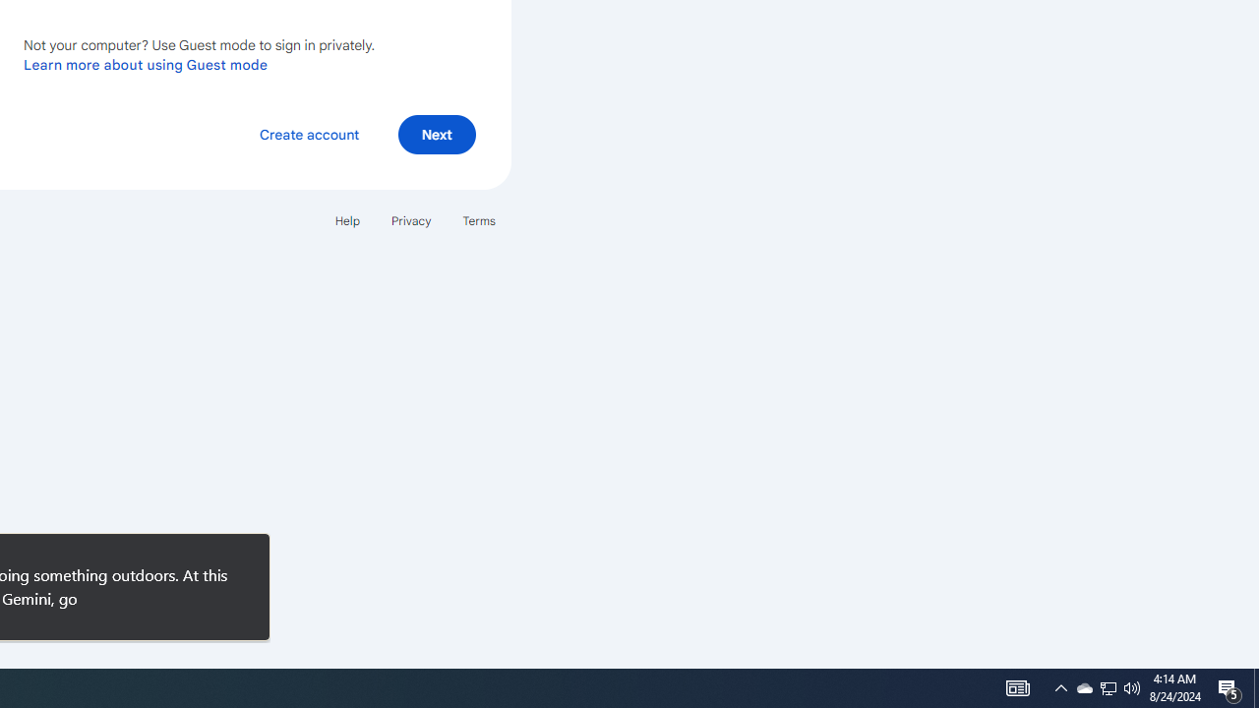 The width and height of the screenshot is (1259, 708). I want to click on 'Create account', so click(308, 133).